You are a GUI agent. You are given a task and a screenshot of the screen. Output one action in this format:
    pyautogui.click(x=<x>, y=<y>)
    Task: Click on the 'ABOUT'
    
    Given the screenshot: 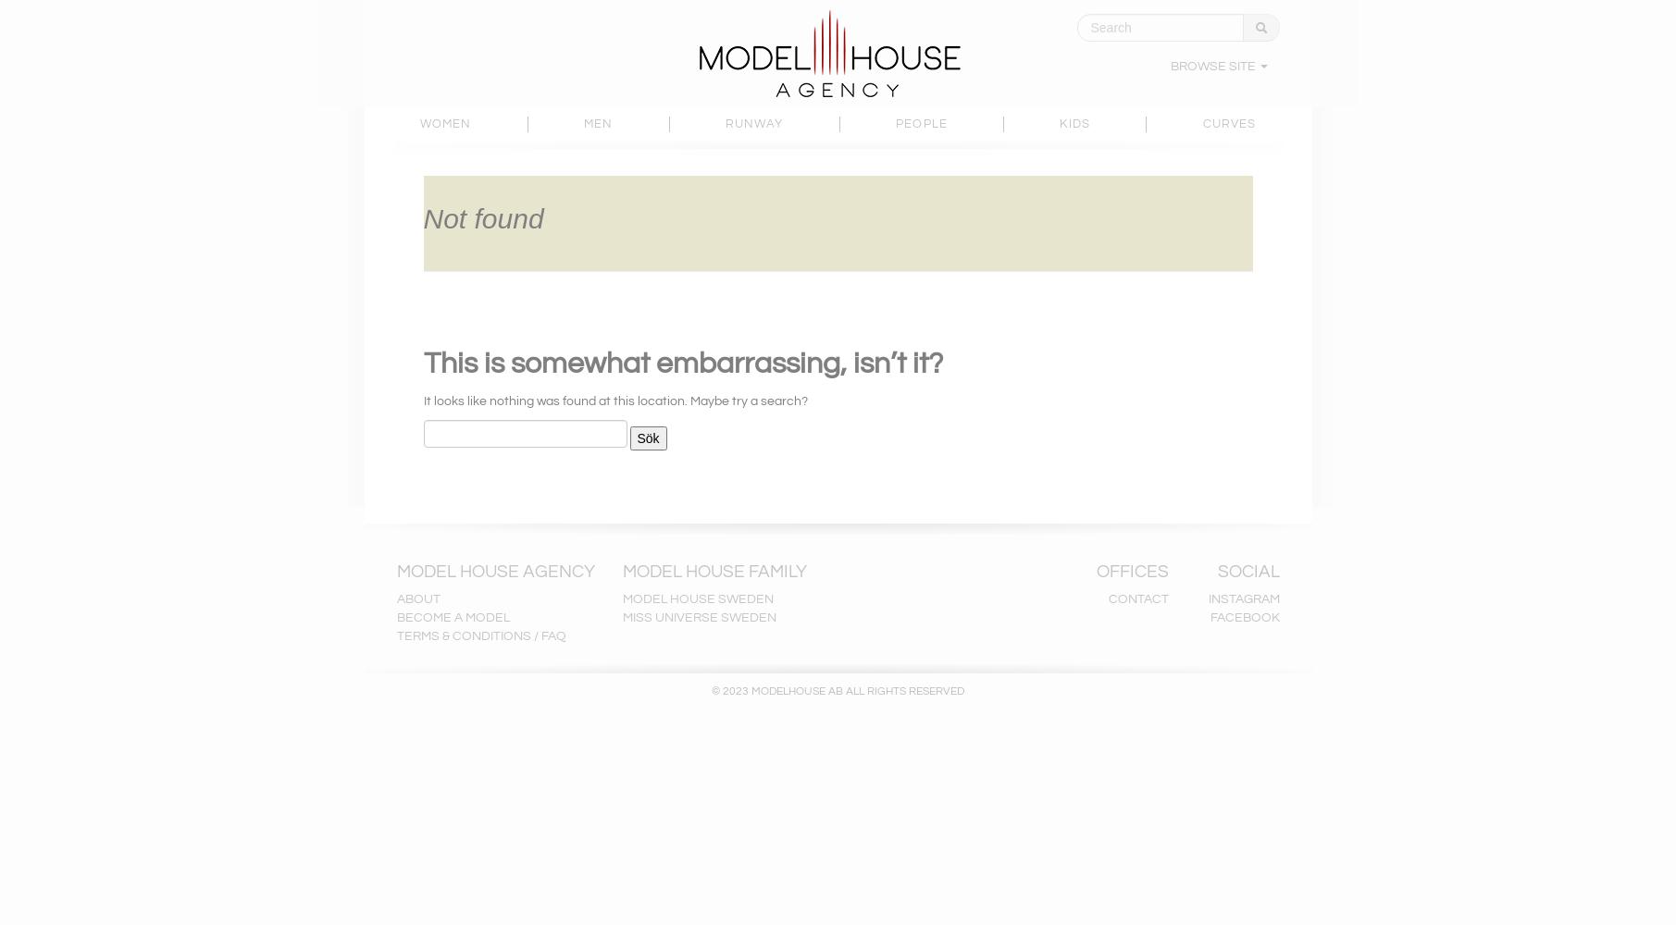 What is the action you would take?
    pyautogui.click(x=417, y=599)
    